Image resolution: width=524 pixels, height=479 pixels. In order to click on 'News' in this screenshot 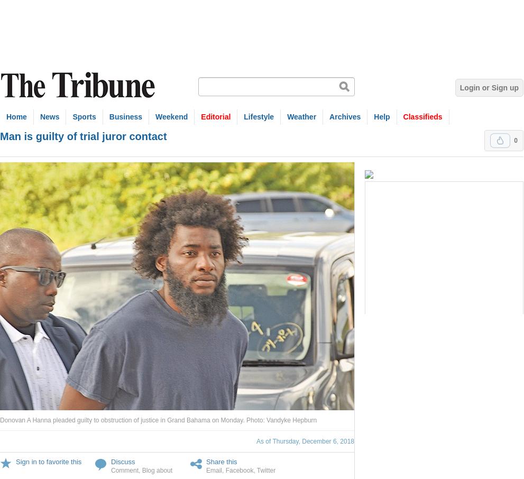, I will do `click(49, 116)`.